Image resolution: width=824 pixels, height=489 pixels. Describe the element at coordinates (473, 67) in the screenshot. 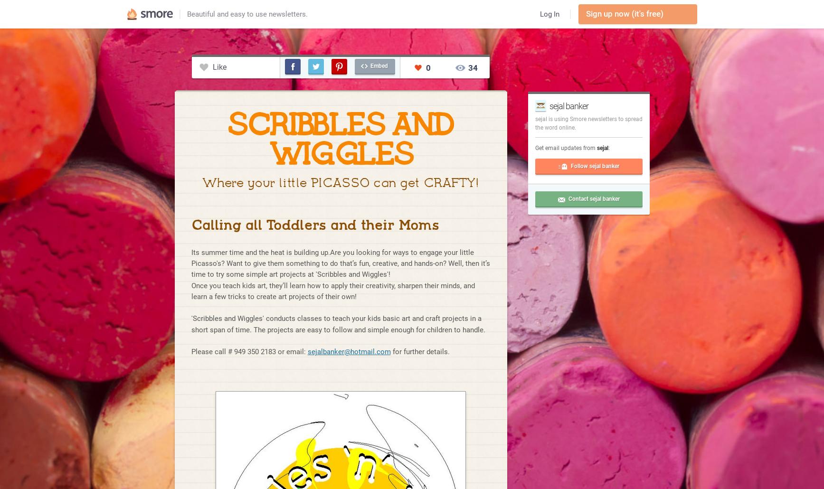

I see `'34'` at that location.